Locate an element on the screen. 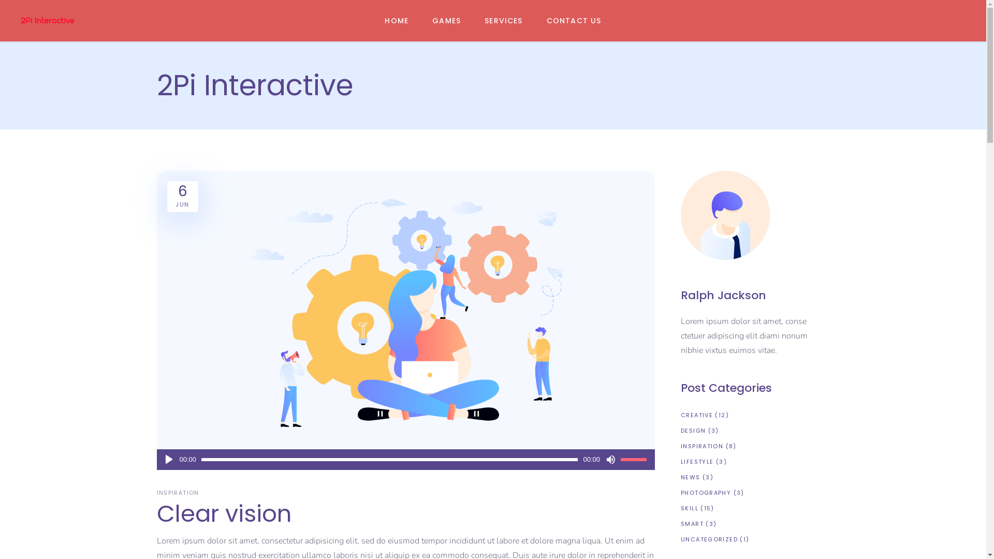 The height and width of the screenshot is (559, 994). 'INSPIRATION' is located at coordinates (179, 492).